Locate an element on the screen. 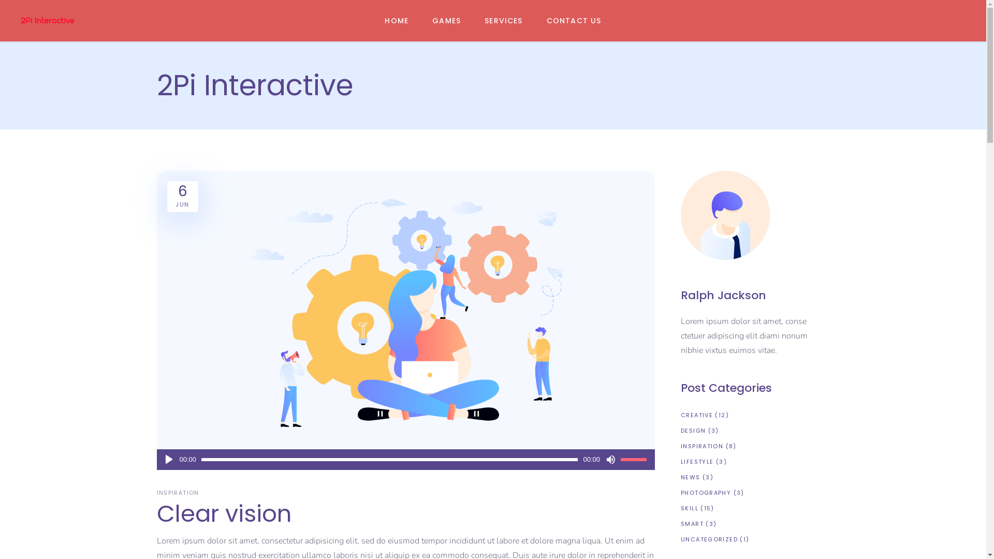 The height and width of the screenshot is (559, 994). 'INSPIRATION' is located at coordinates (179, 492).